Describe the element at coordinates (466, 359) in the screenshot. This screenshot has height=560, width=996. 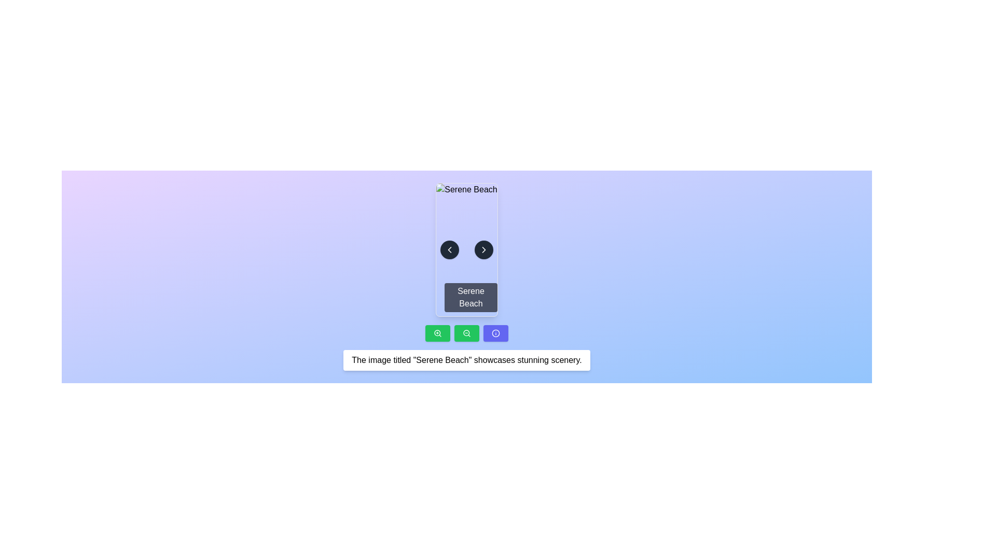
I see `the Text Label that provides a contextual explanation for the image titled 'Serene Beach', located at the bottom area of the layout, centered horizontally` at that location.